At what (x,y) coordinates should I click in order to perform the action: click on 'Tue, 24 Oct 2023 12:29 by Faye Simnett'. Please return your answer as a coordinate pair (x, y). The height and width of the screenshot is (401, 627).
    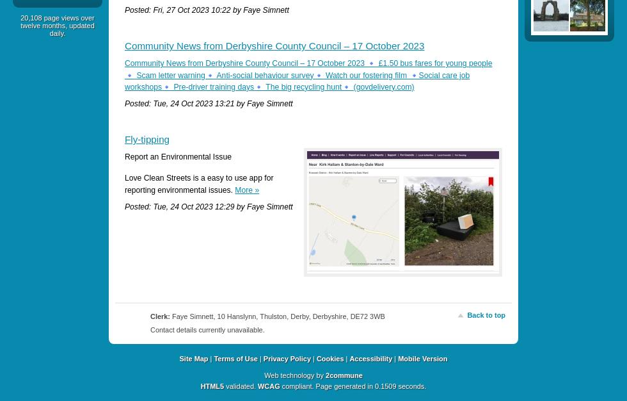
    Looking at the image, I should click on (222, 206).